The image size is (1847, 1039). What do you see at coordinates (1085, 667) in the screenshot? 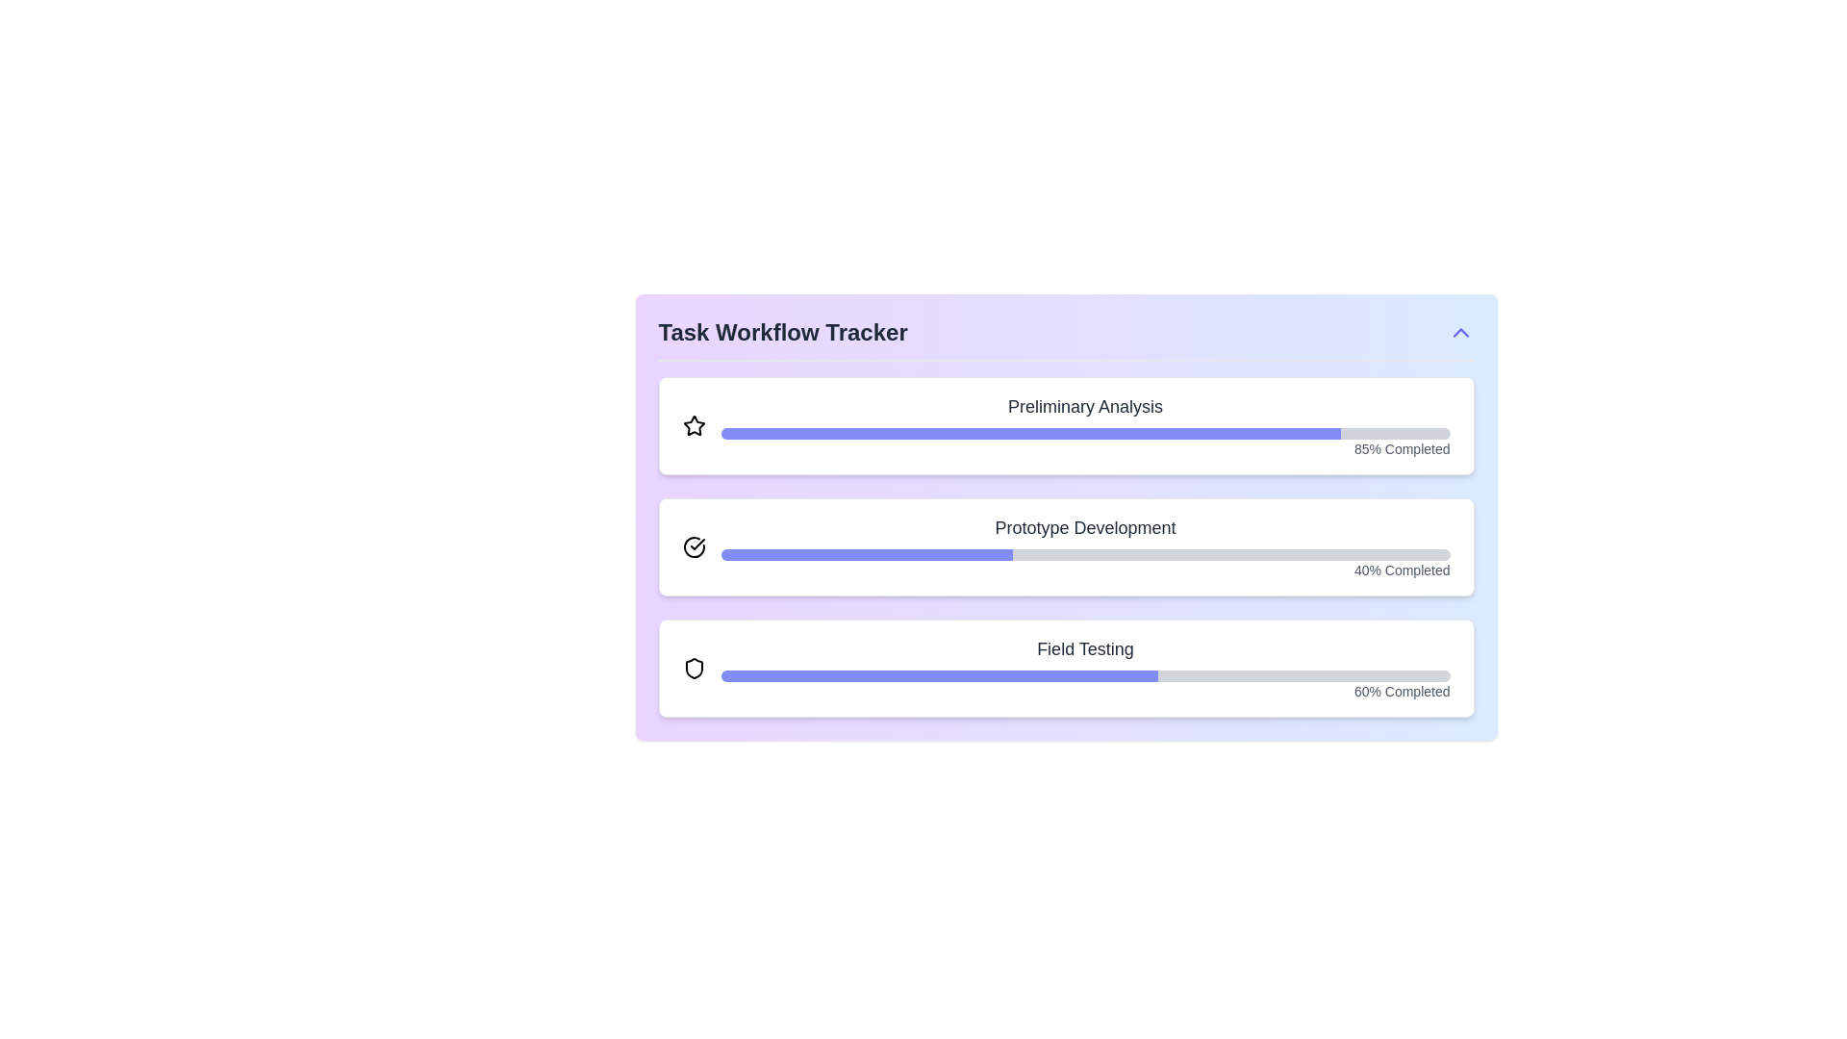
I see `progress percentage from the ProgressIndicator labeled 'Field Testing' which shows '60% Completed.'` at bounding box center [1085, 667].